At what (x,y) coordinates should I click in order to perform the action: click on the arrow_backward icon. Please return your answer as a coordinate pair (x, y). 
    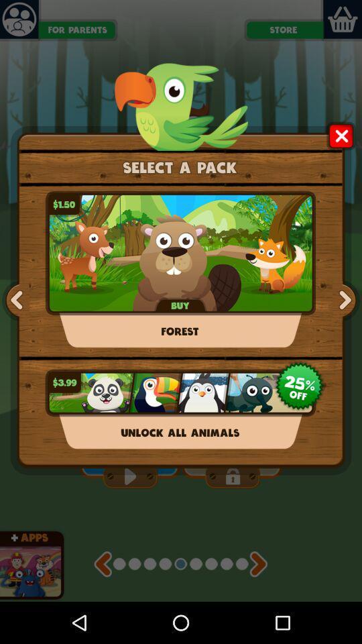
    Looking at the image, I should click on (17, 322).